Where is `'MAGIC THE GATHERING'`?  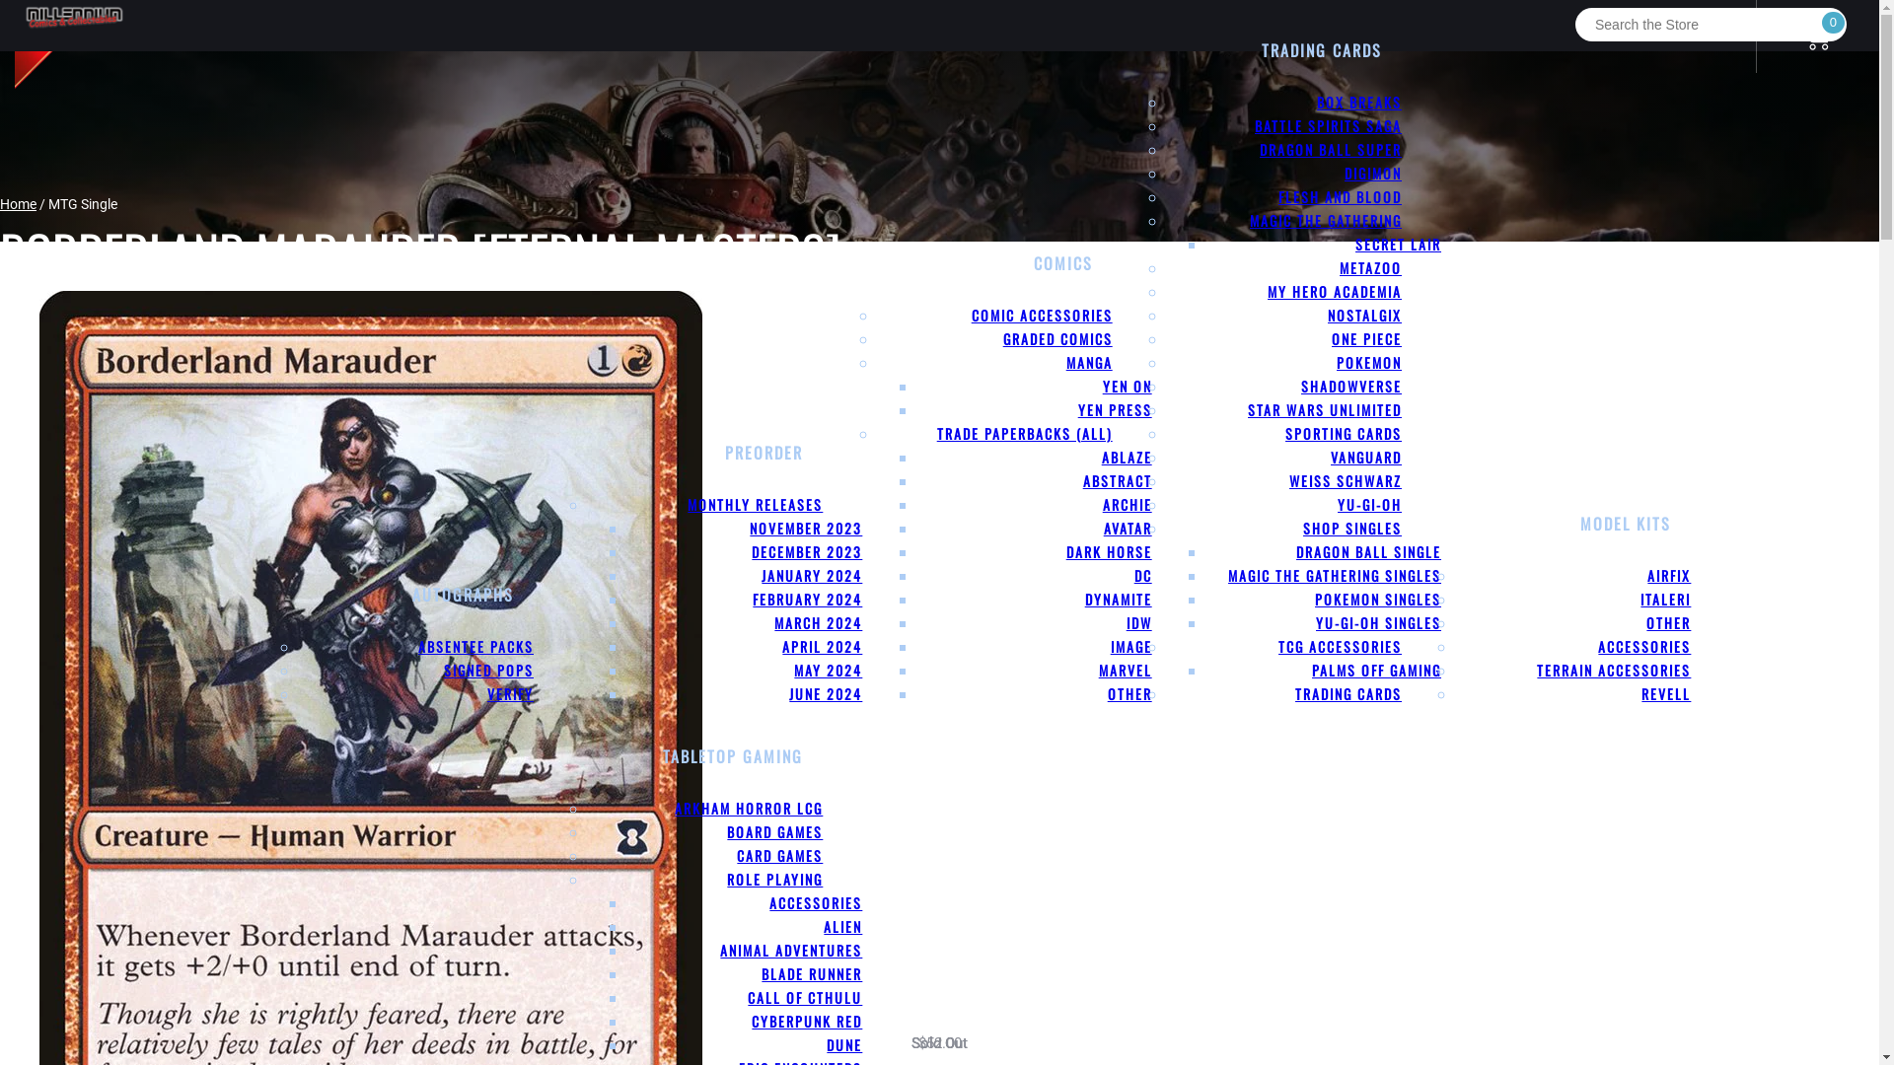
'MAGIC THE GATHERING' is located at coordinates (1249, 220).